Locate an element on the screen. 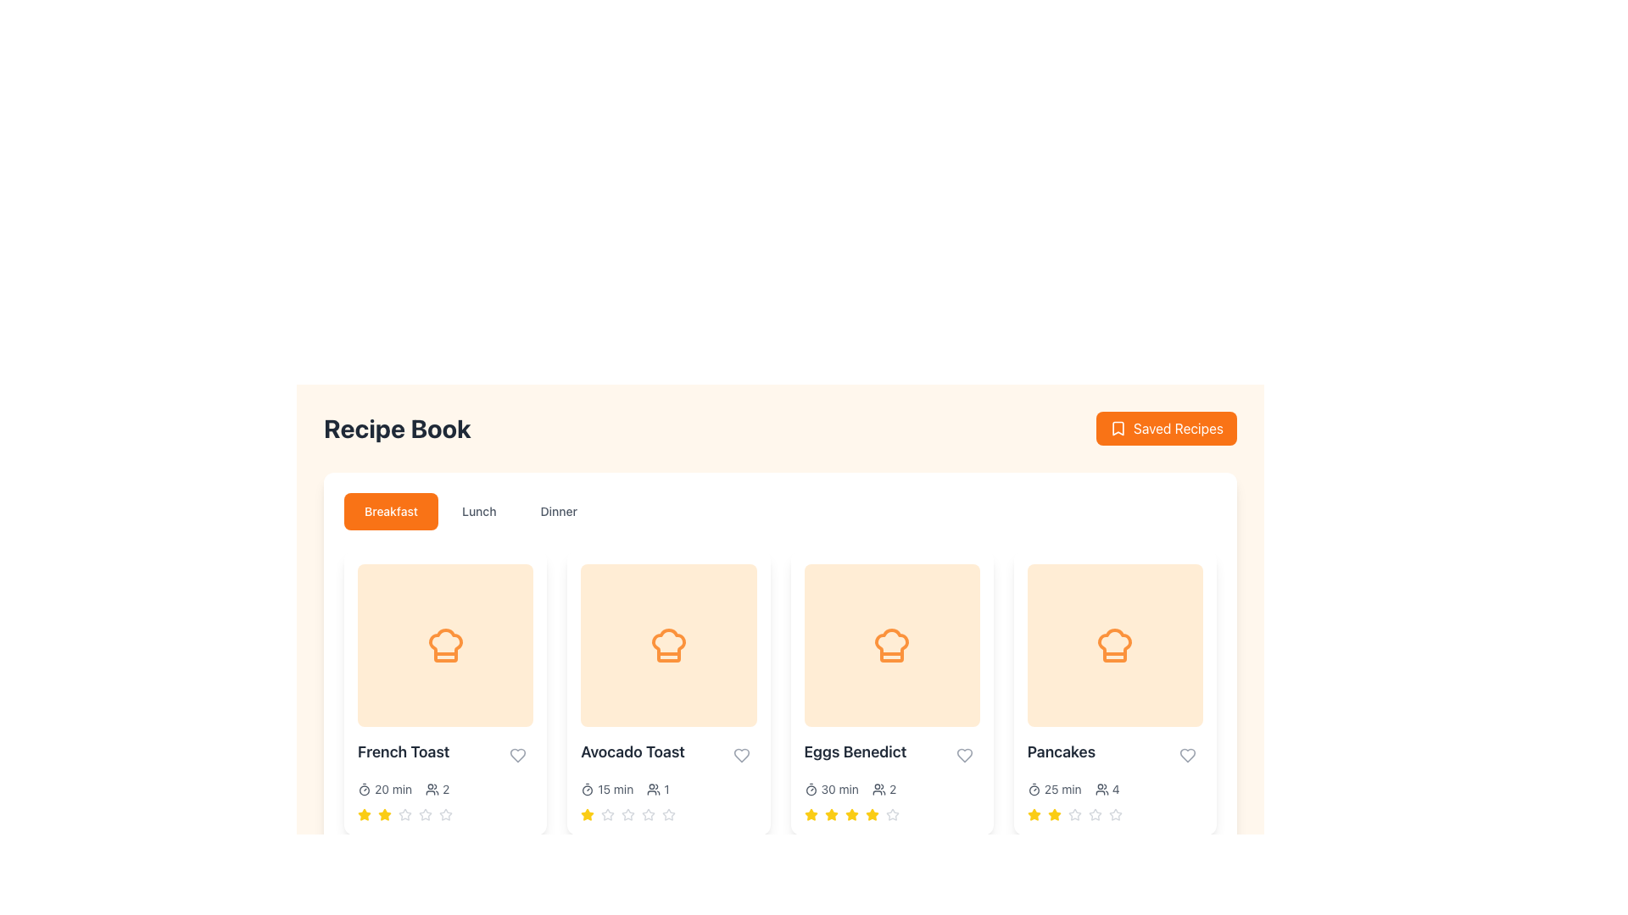 This screenshot has width=1628, height=915. the chef's hat icon located in the 'Pancakes' card in the recipe list interface, which is characterized by its orange strokes on a pale beige background is located at coordinates (1115, 646).